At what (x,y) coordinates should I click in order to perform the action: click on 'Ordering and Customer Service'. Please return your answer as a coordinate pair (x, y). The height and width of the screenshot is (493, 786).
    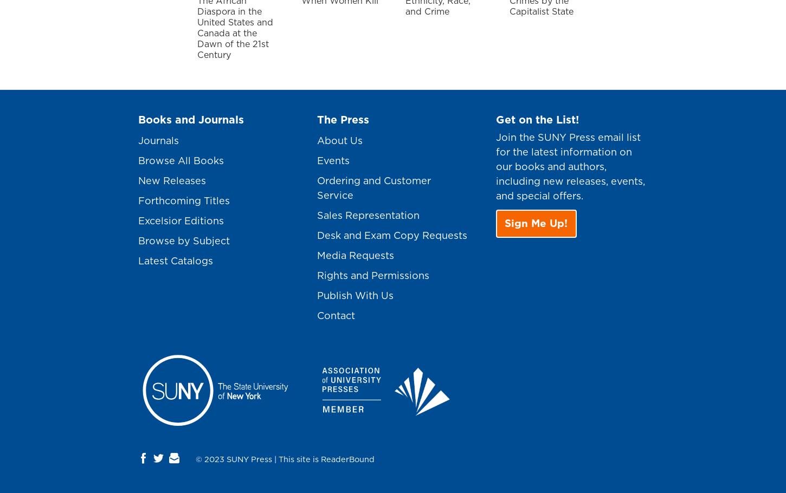
    Looking at the image, I should click on (373, 187).